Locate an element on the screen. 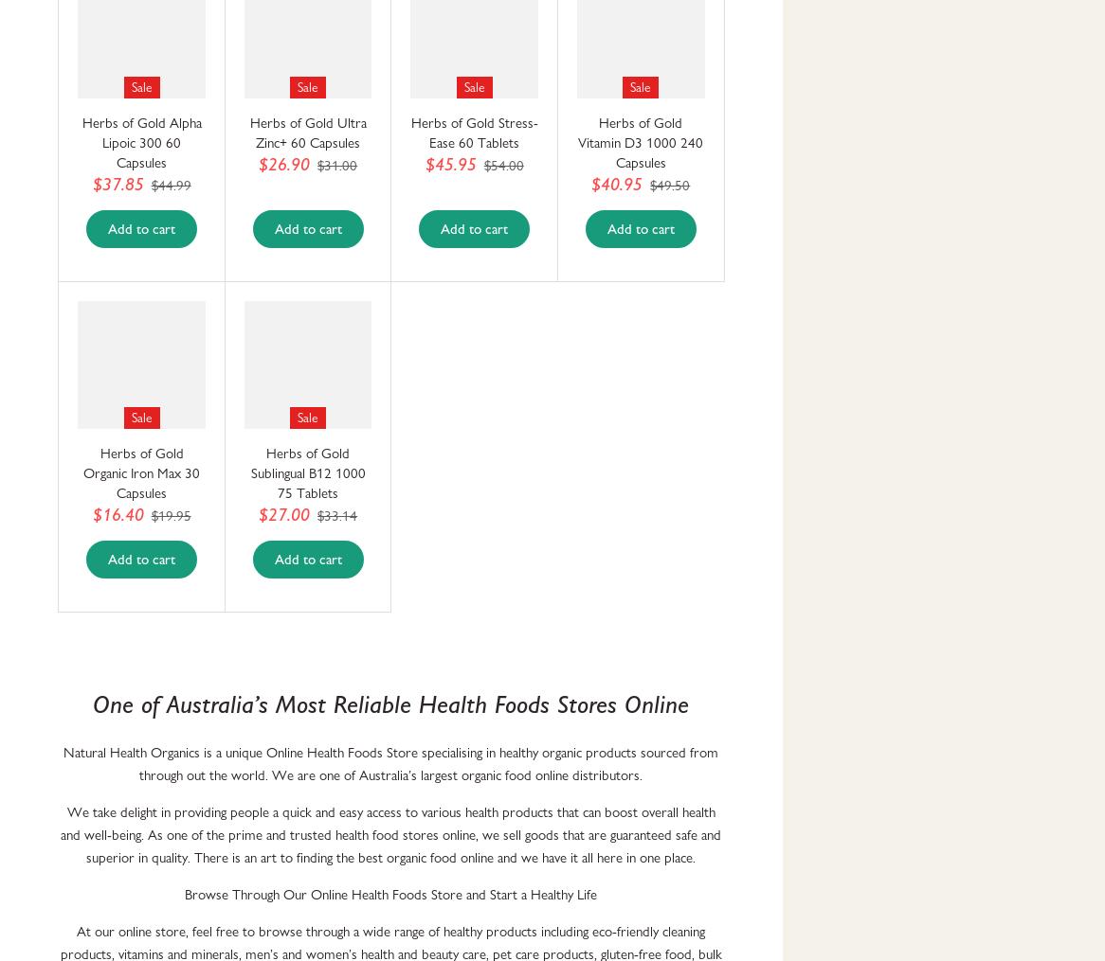  '$40.95' is located at coordinates (615, 183).